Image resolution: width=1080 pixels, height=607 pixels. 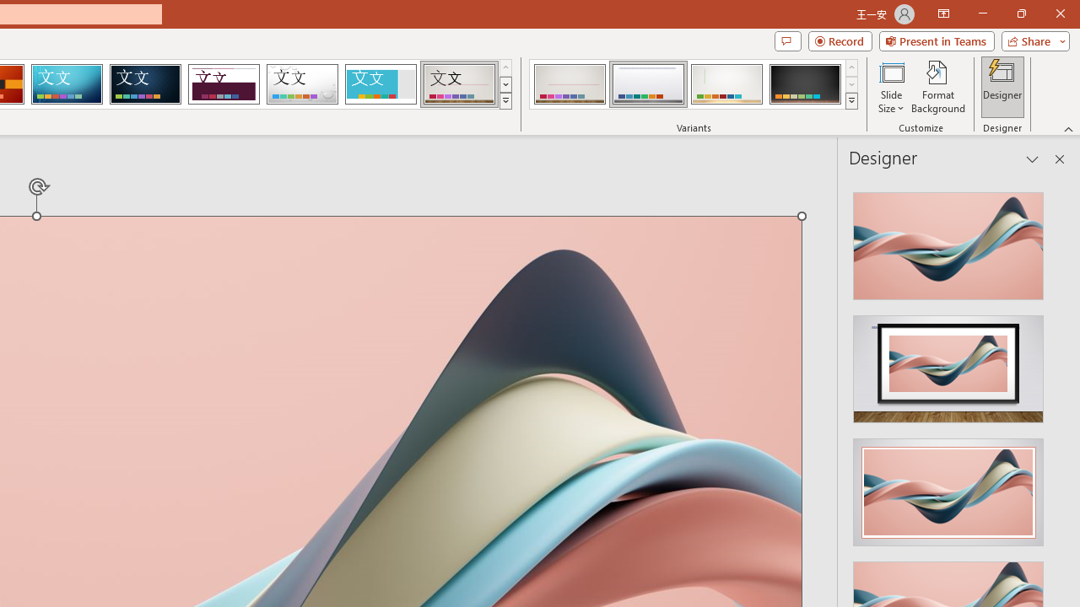 What do you see at coordinates (570, 84) in the screenshot?
I see `'Gallery Variant 1'` at bounding box center [570, 84].